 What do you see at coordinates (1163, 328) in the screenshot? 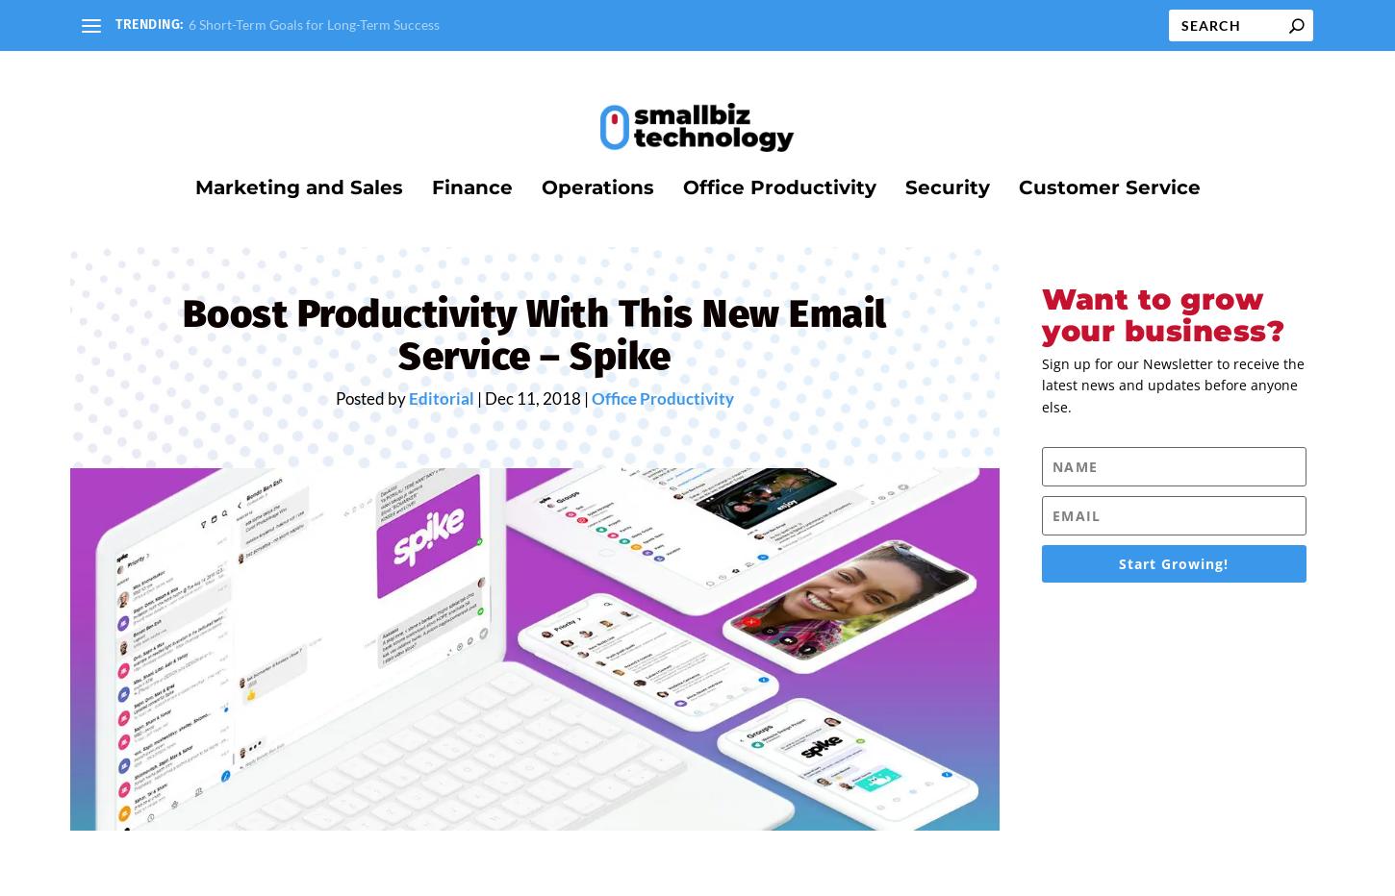
I see `'Want to grow your business?'` at bounding box center [1163, 328].